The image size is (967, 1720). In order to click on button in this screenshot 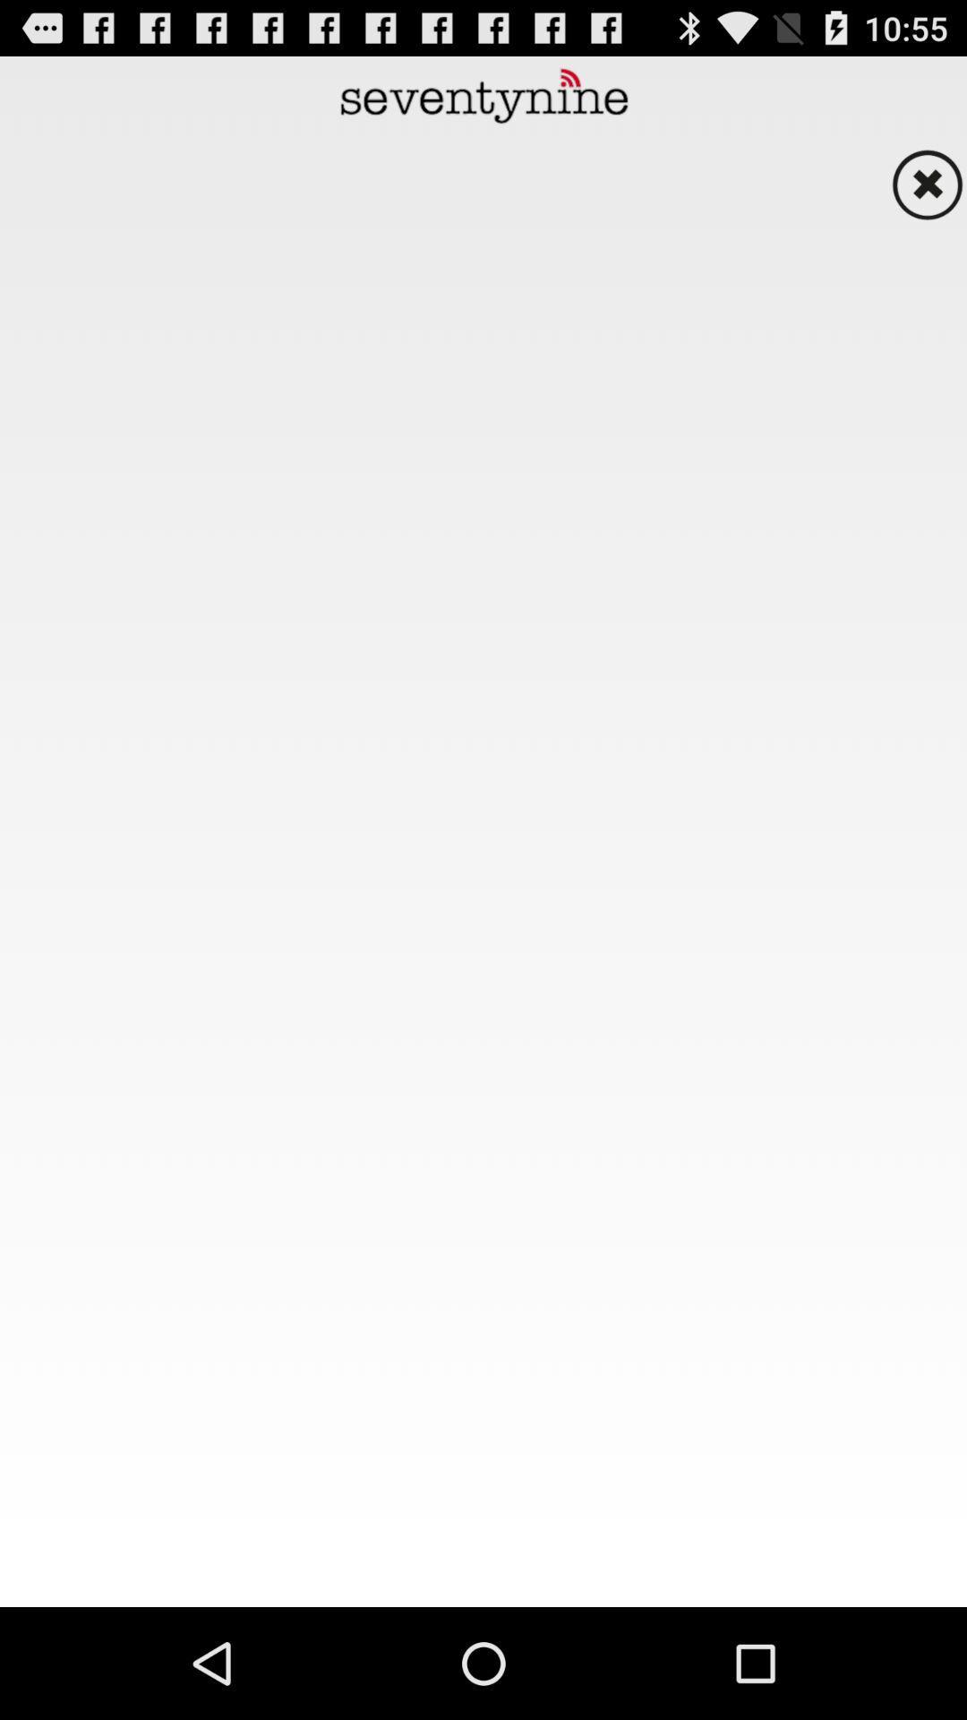, I will do `click(927, 185)`.